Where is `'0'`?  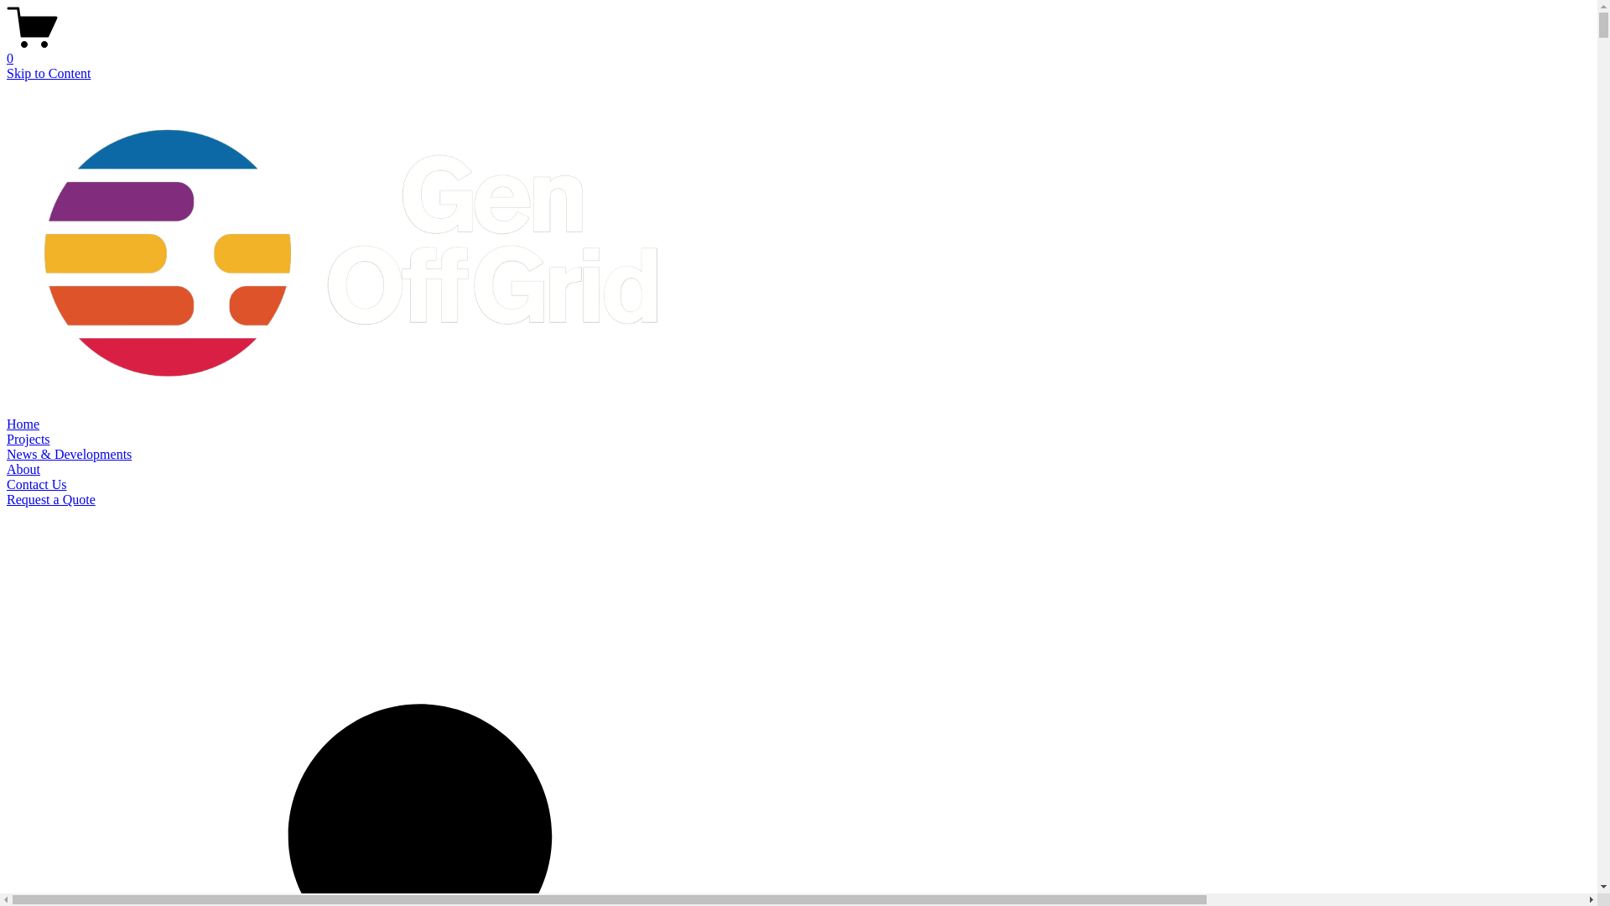 '0' is located at coordinates (797, 50).